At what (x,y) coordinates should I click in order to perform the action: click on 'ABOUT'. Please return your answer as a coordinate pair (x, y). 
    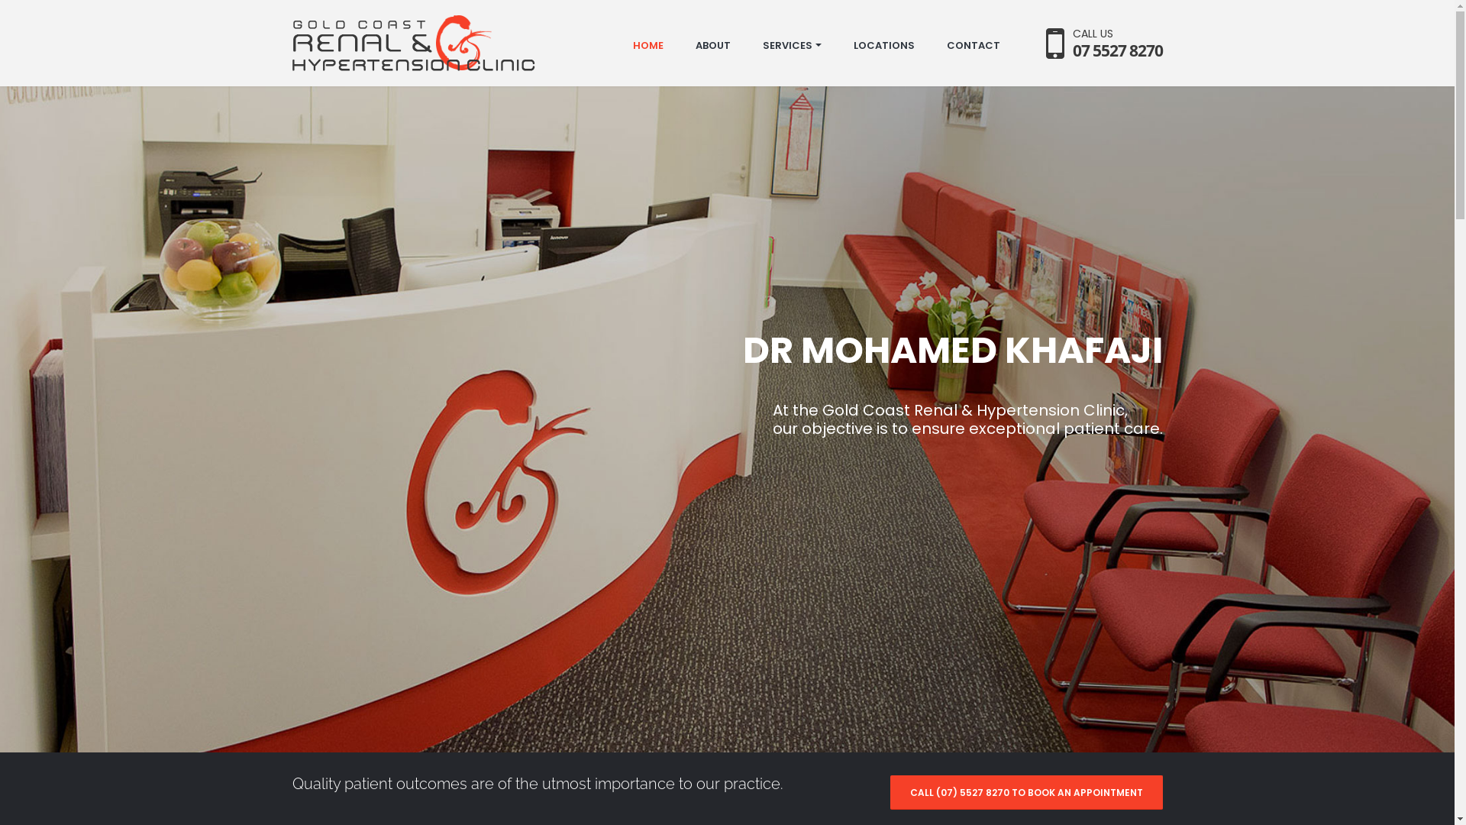
    Looking at the image, I should click on (711, 45).